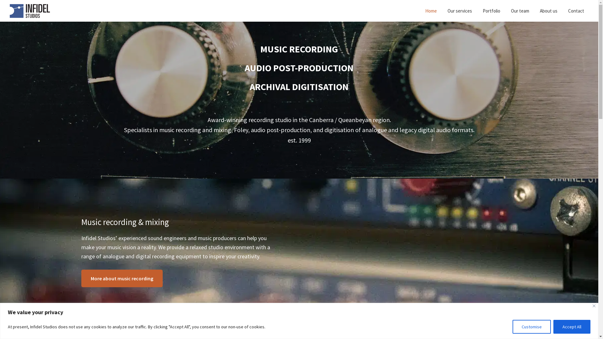 The height and width of the screenshot is (339, 603). What do you see at coordinates (122, 278) in the screenshot?
I see `'More about music recording'` at bounding box center [122, 278].